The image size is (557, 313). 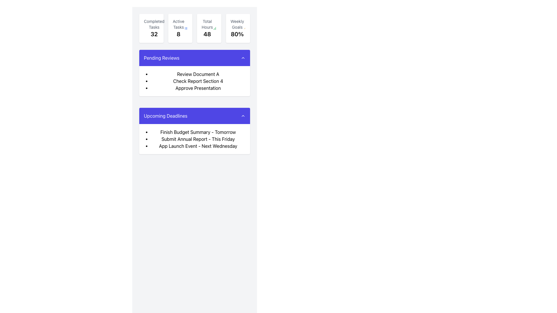 I want to click on the informational card located at the upper right position of the grid layout, so click(x=238, y=28).